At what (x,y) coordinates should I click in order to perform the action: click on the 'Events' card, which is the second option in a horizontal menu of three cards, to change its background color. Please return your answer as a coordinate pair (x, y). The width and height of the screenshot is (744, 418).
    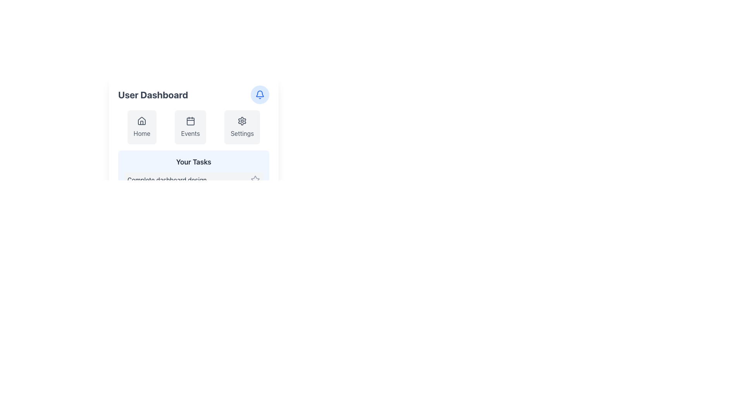
    Looking at the image, I should click on (190, 127).